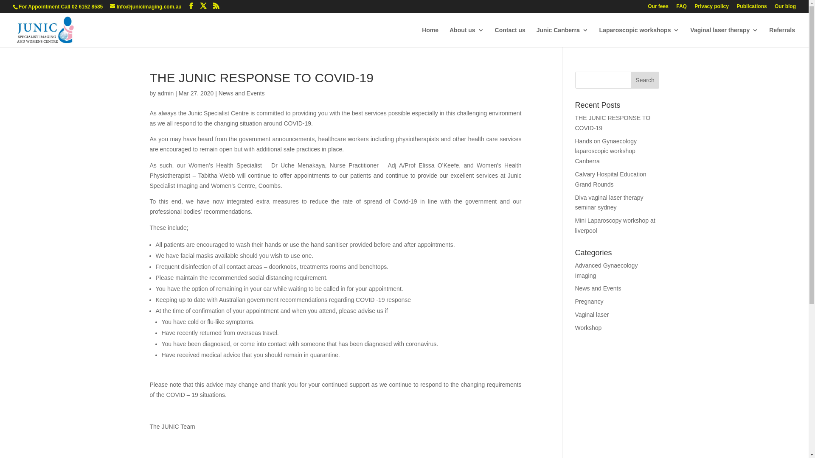  Describe the element at coordinates (574, 225) in the screenshot. I see `'Mini Laparoscopy workshop at liverpool'` at that location.